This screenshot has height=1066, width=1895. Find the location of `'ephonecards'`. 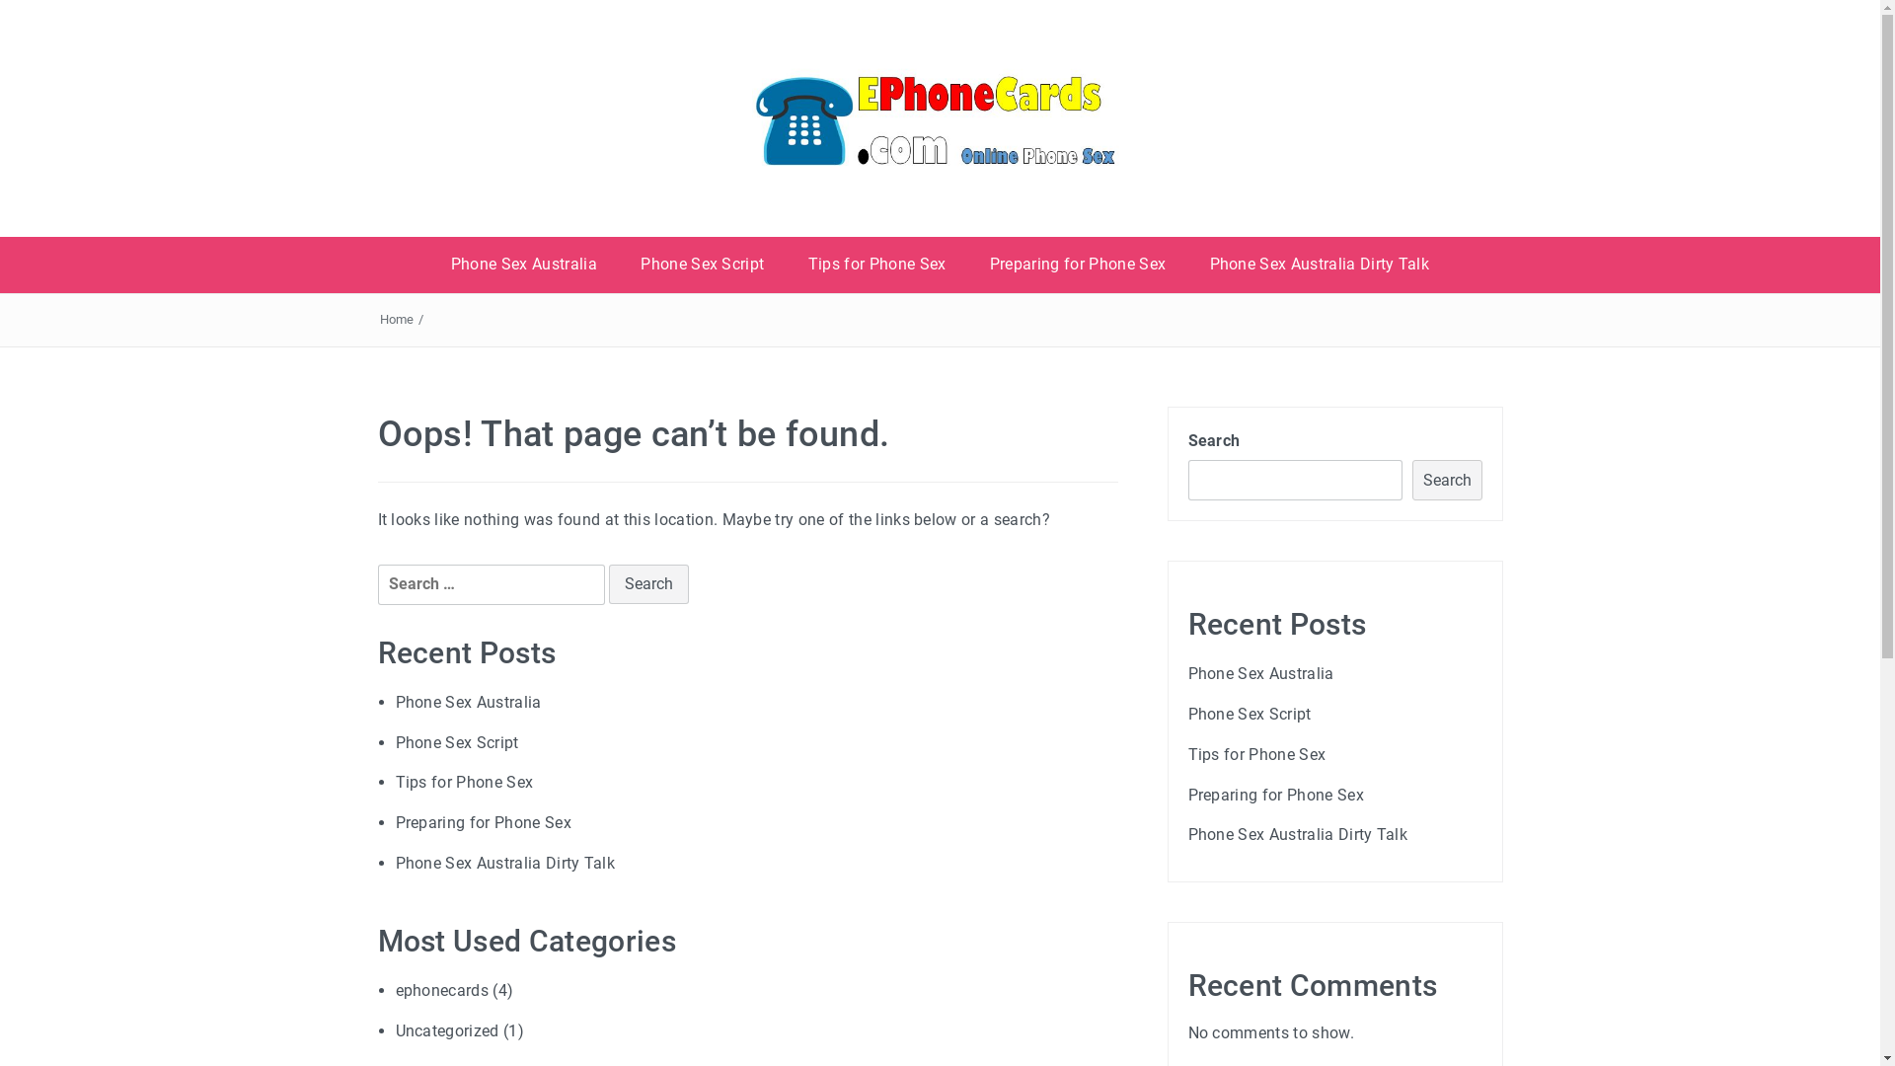

'ephonecards' is located at coordinates (394, 990).